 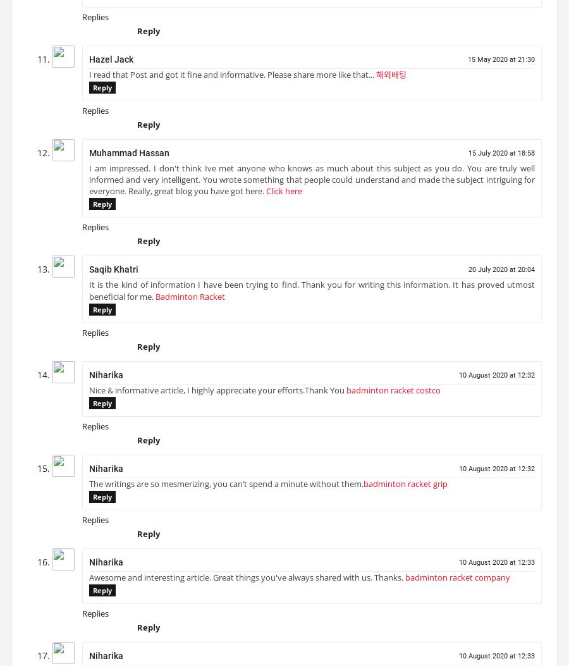 I want to click on 'The writings are so mesmerizing, you can’t spend a minute without them.', so click(x=89, y=488).